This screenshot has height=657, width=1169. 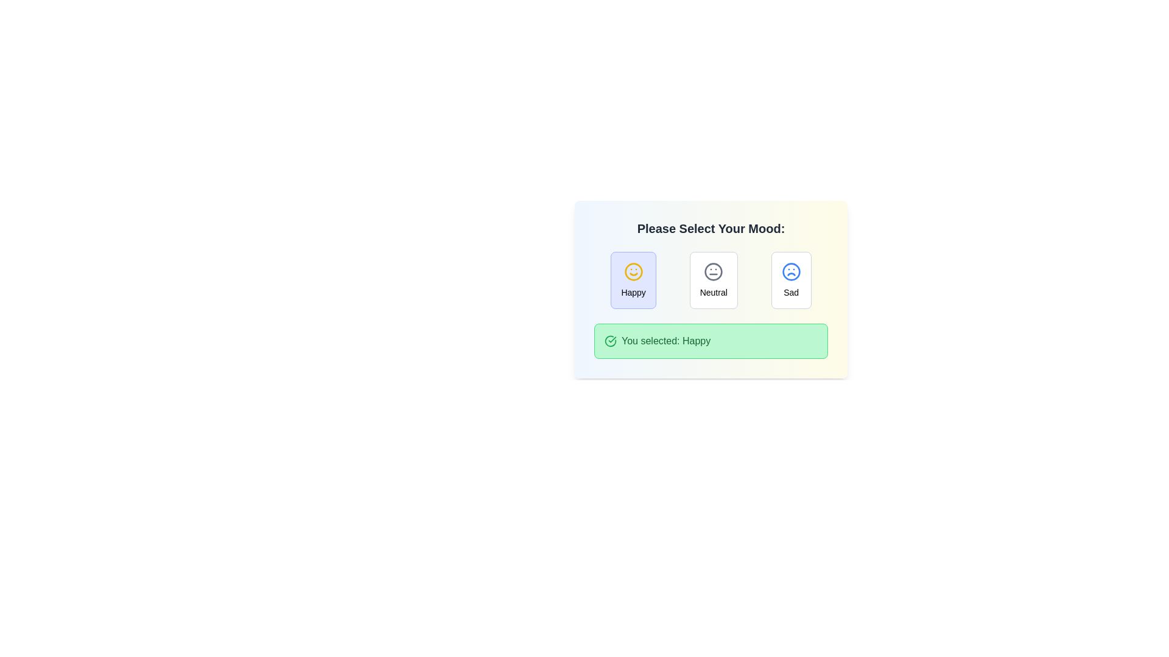 I want to click on the text label displaying 'Neutral', which is located centrally beneath the neutral face icon in the mood options section, so click(x=714, y=293).